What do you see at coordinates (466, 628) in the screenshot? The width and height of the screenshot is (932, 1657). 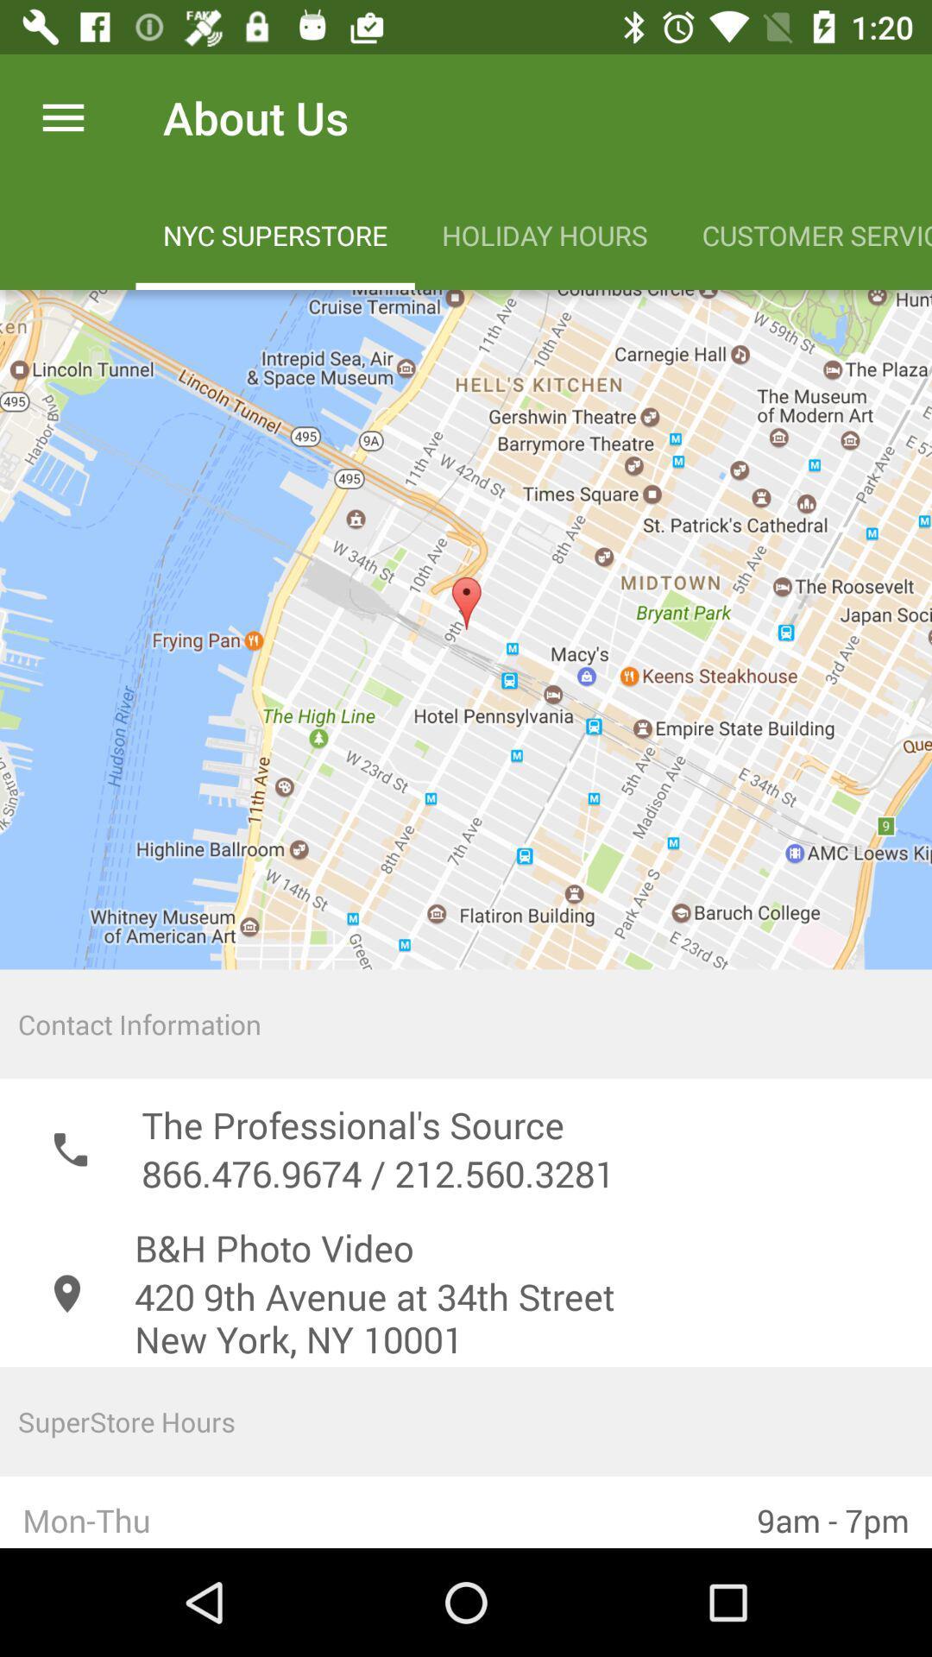 I see `icon below the nyc superstore icon` at bounding box center [466, 628].